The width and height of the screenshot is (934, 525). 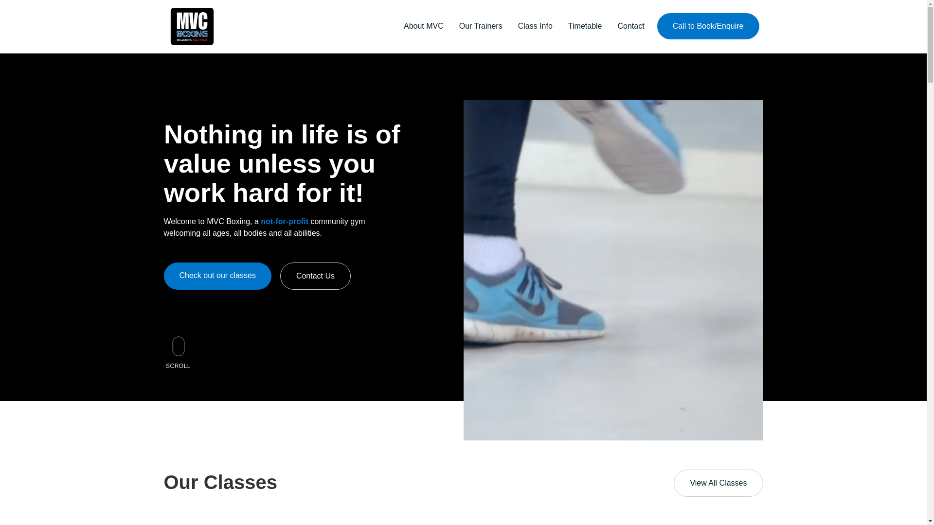 I want to click on 'Timetable', so click(x=585, y=26).